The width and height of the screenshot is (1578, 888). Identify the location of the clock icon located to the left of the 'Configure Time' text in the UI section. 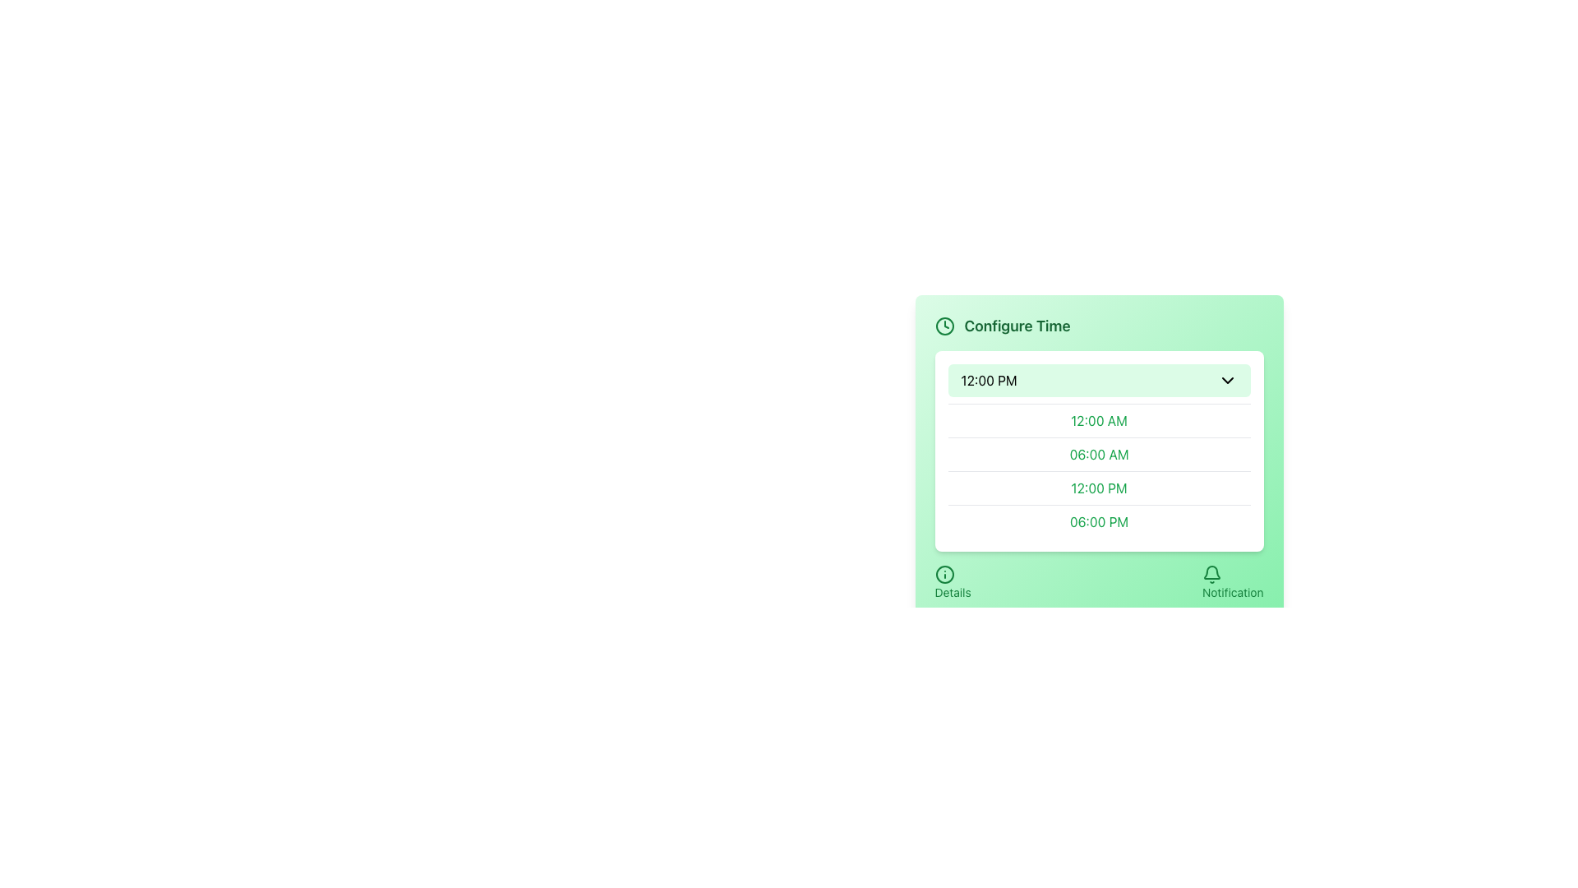
(944, 326).